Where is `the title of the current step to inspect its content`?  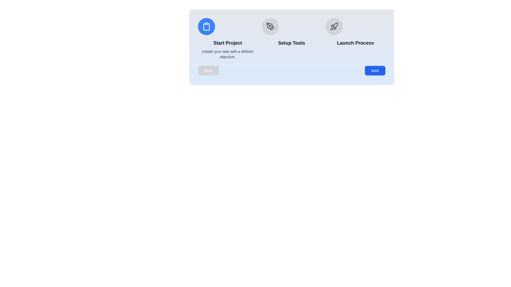 the title of the current step to inspect its content is located at coordinates (228, 43).